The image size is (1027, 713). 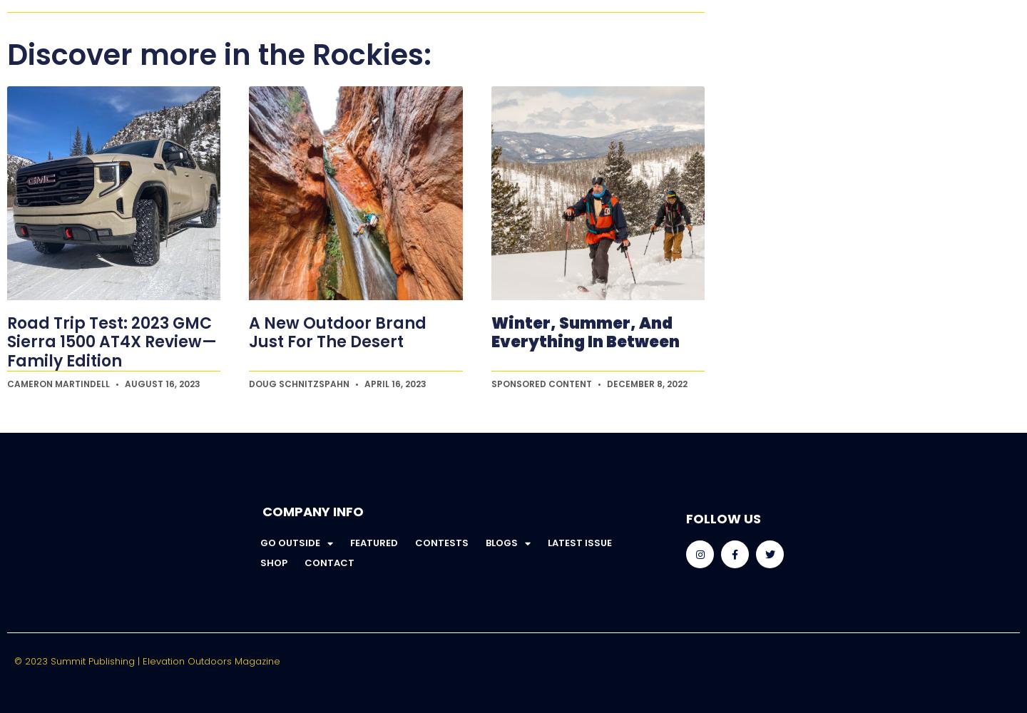 I want to click on 'Shop', so click(x=272, y=562).